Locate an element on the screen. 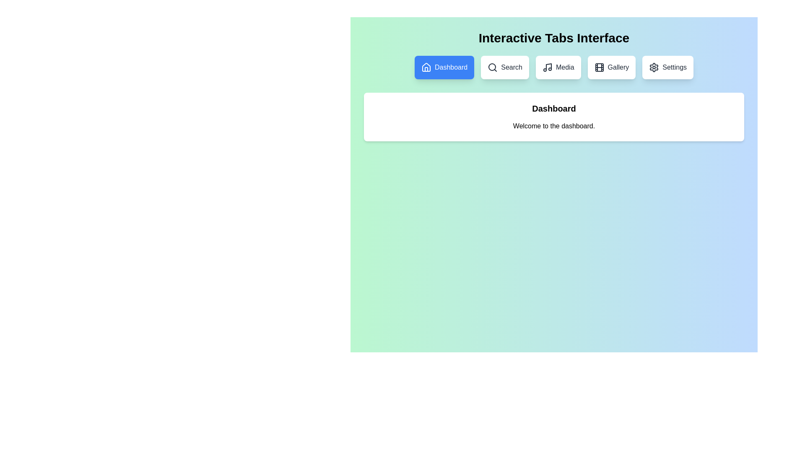  the 'Media' button is located at coordinates (565, 67).